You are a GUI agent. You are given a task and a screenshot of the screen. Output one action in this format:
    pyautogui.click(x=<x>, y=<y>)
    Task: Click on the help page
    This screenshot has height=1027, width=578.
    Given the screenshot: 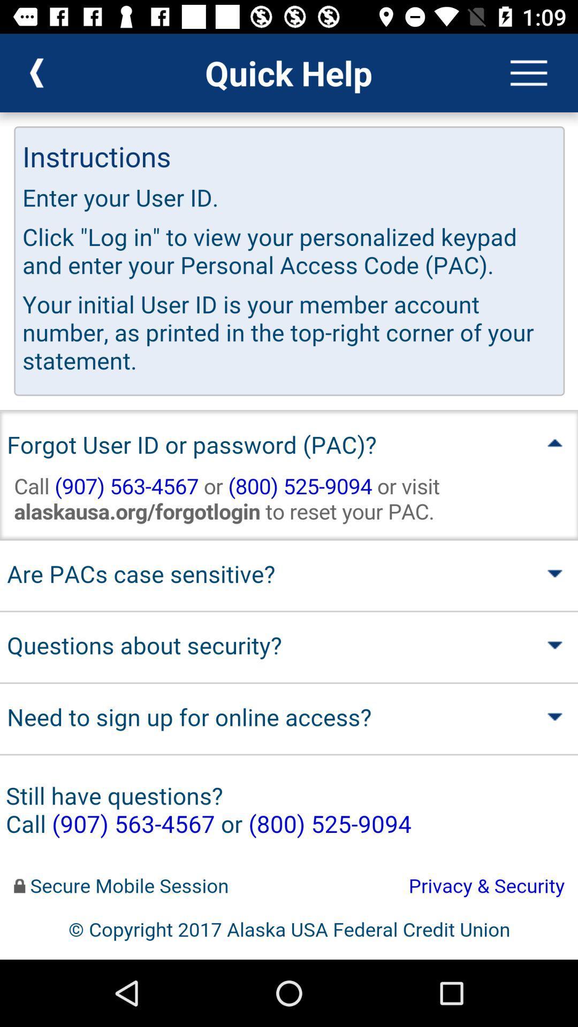 What is the action you would take?
    pyautogui.click(x=289, y=536)
    